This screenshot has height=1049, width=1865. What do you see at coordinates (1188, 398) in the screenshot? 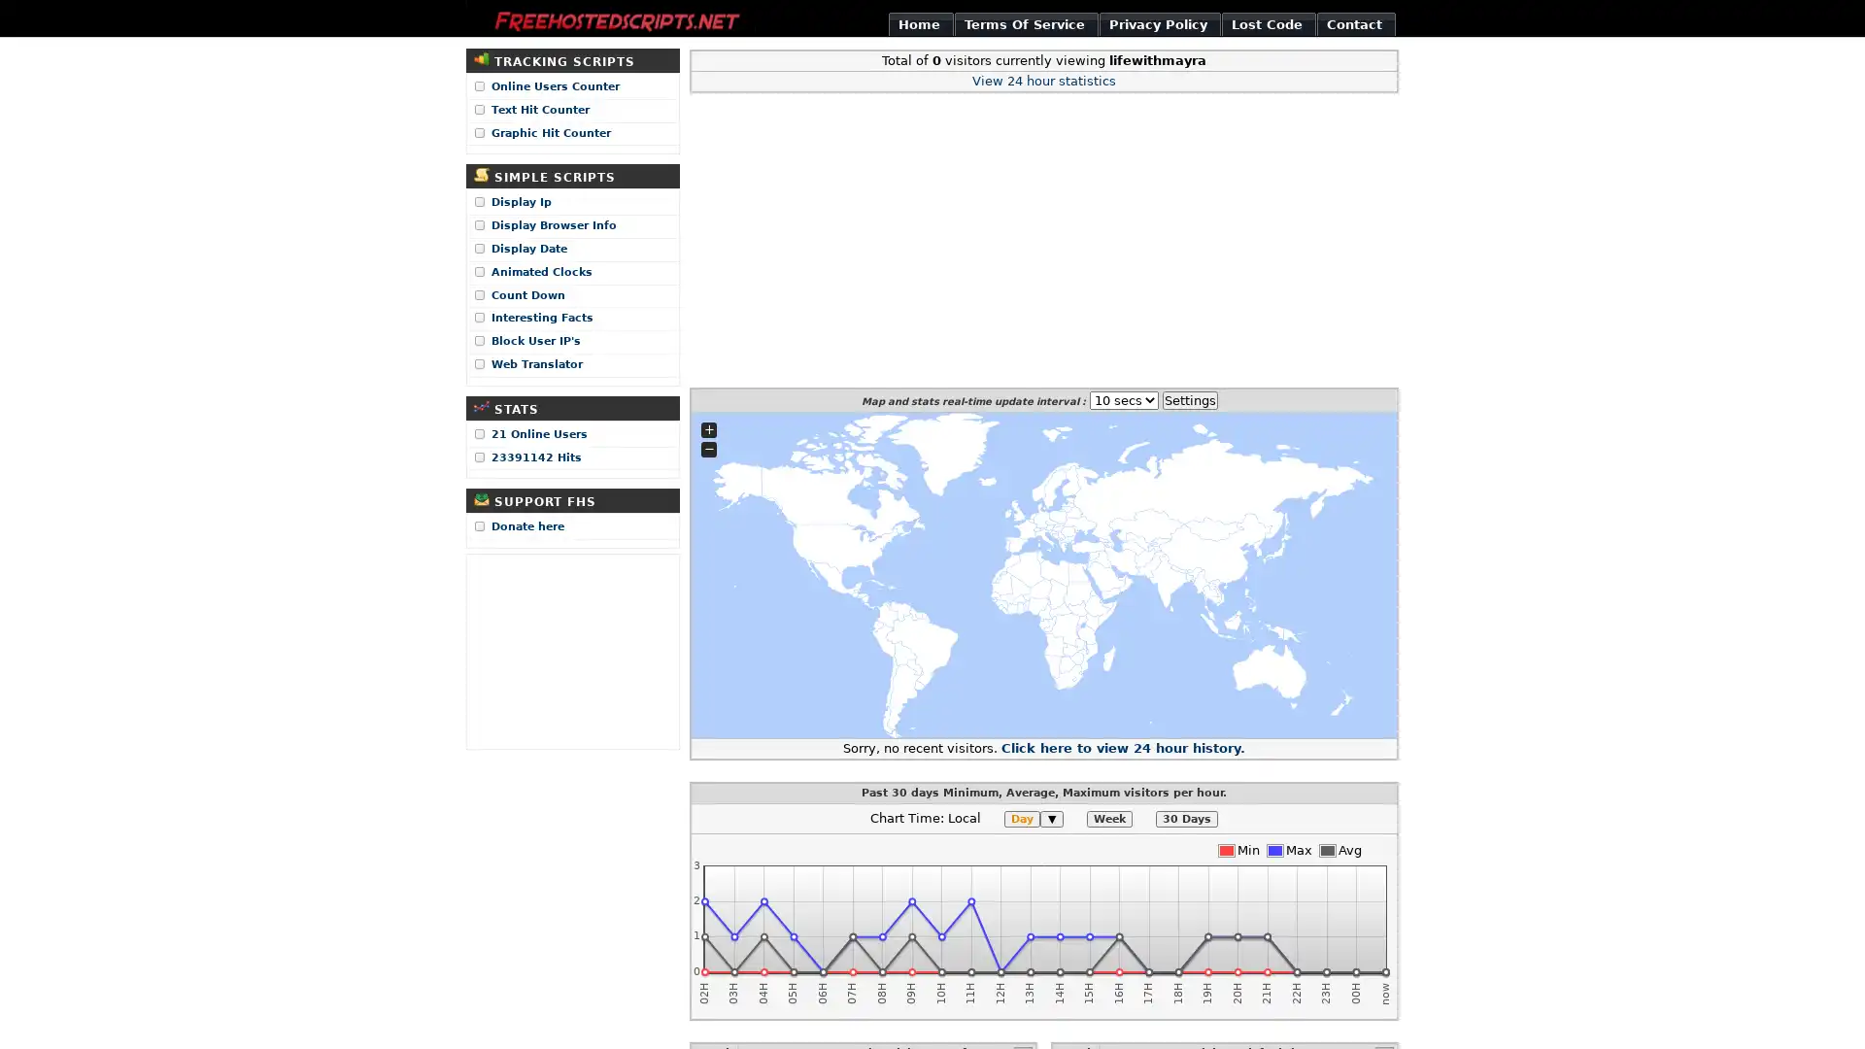
I see `Settings` at bounding box center [1188, 398].